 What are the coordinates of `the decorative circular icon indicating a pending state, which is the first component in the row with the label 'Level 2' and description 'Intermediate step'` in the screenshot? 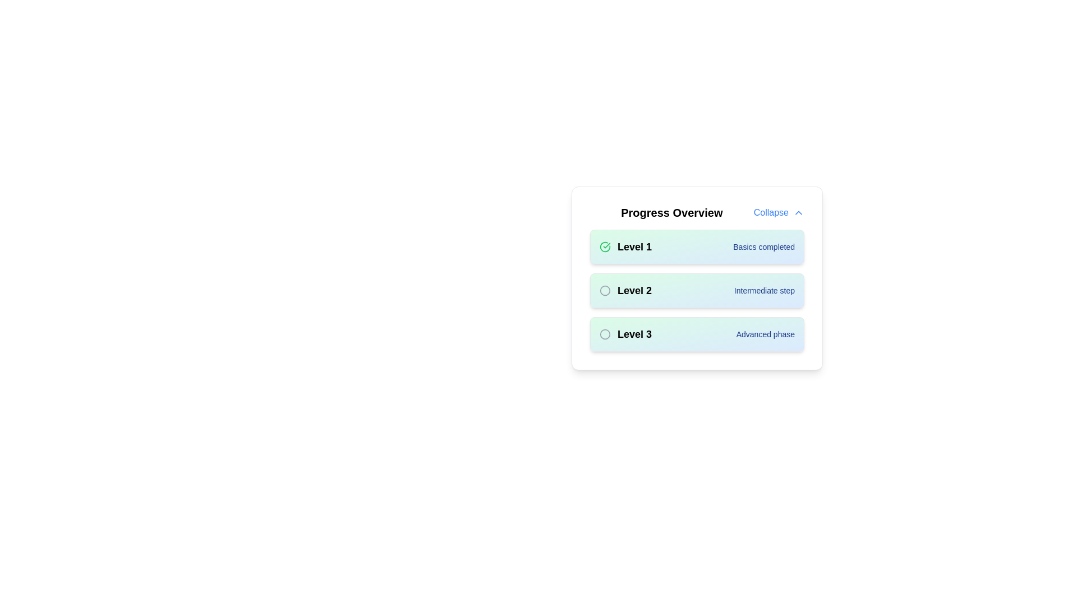 It's located at (605, 290).